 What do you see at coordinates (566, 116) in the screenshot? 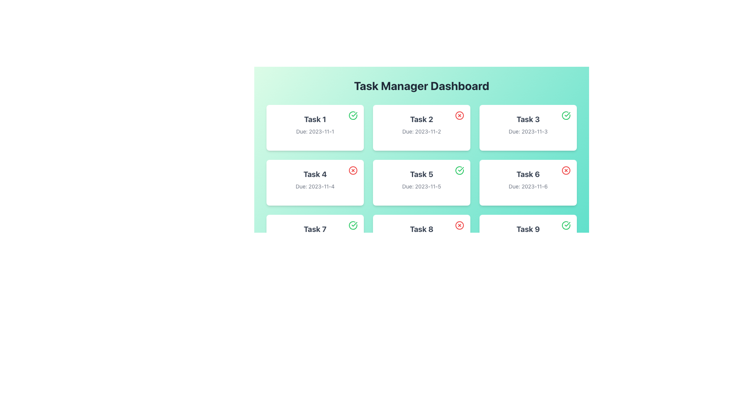
I see `the compact green circular icon with a white check mark located in the top-right corner of the 'Task 3' card` at bounding box center [566, 116].